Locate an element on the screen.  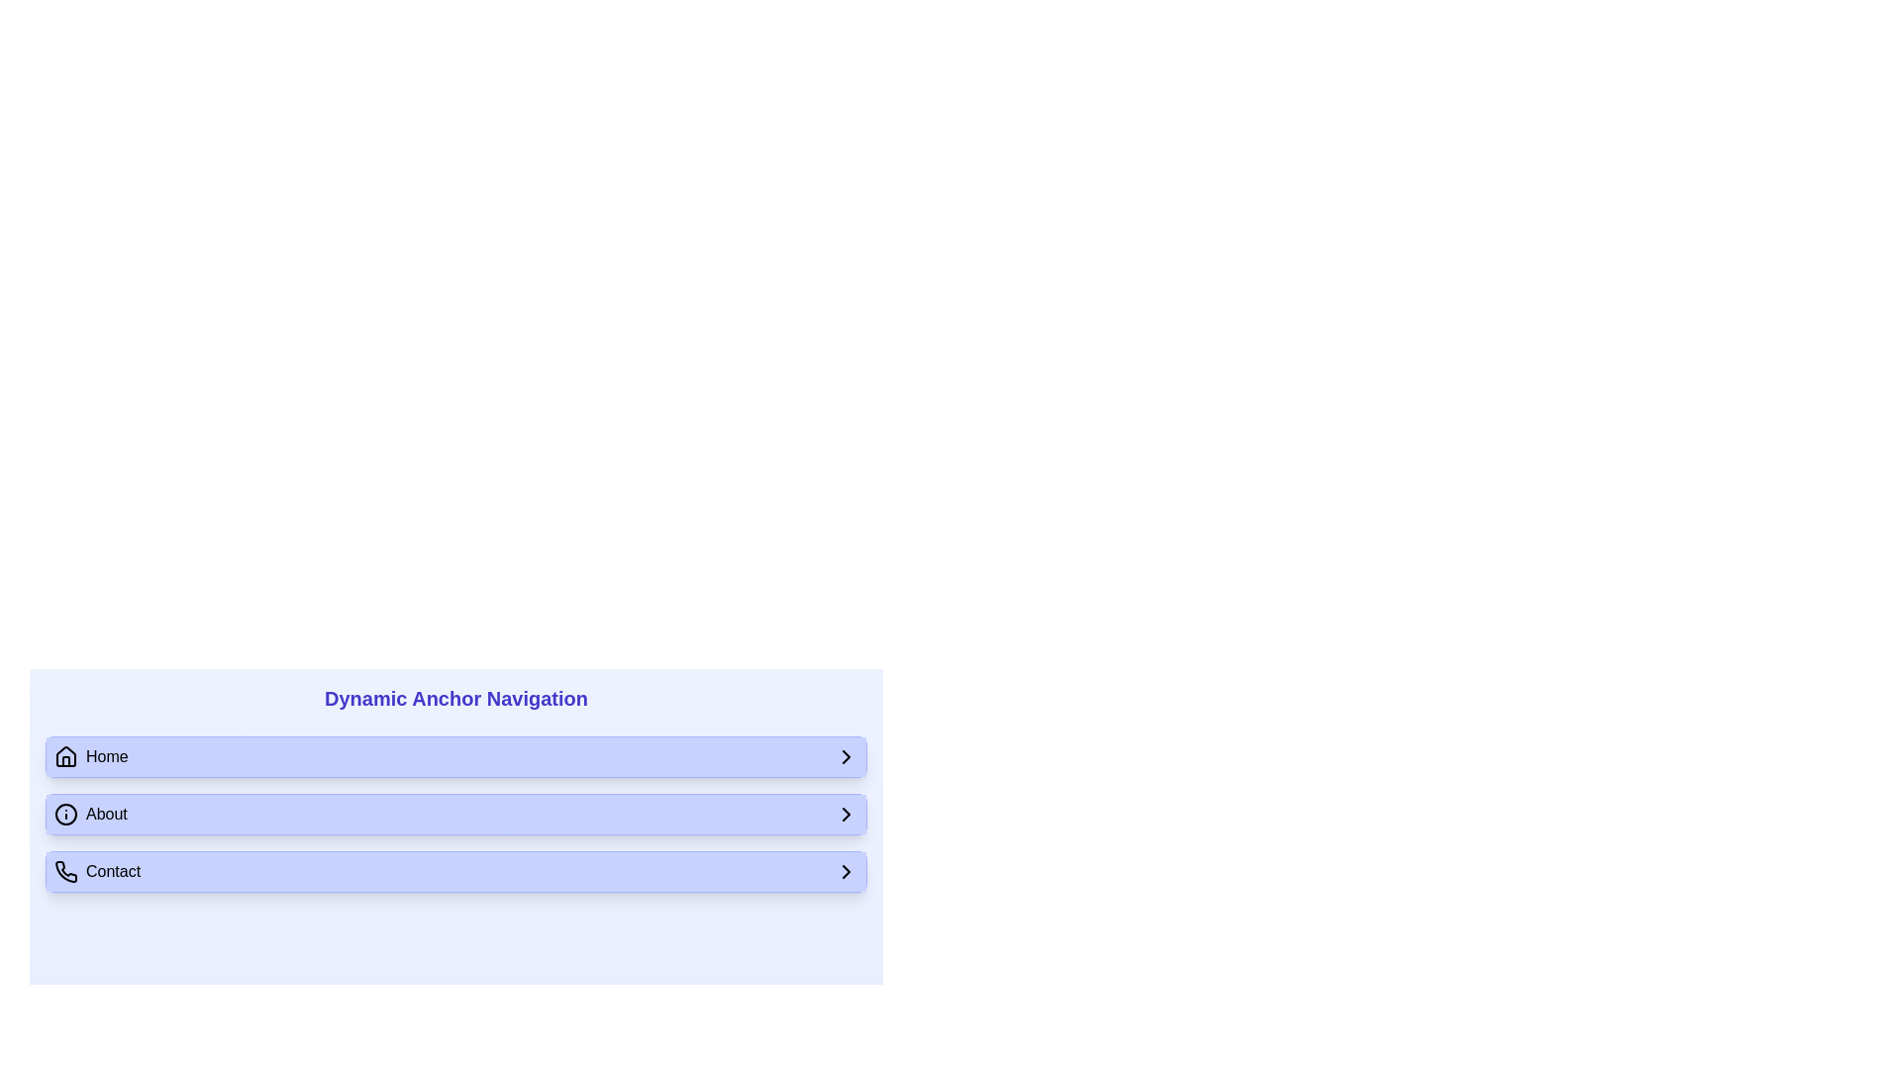
the Chevron icon on the far-right side of the 'Home' section is located at coordinates (846, 756).